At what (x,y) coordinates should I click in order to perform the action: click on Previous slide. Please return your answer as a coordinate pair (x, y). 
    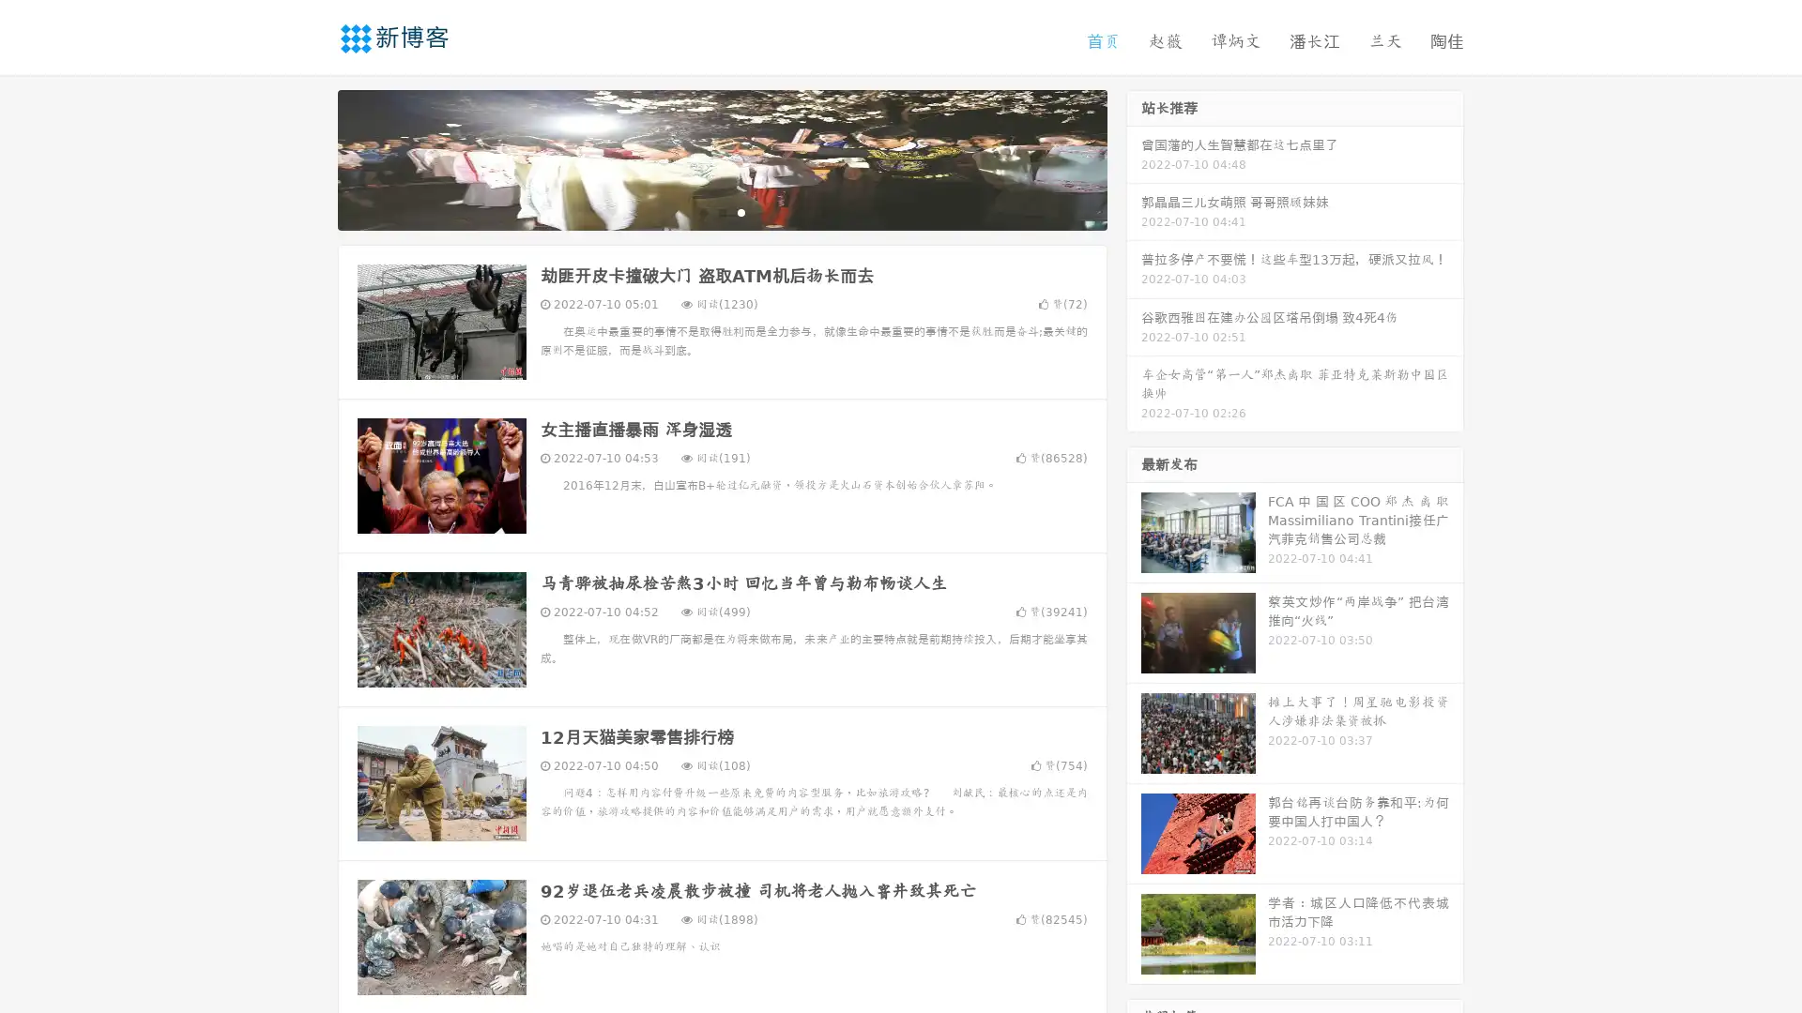
    Looking at the image, I should click on (310, 158).